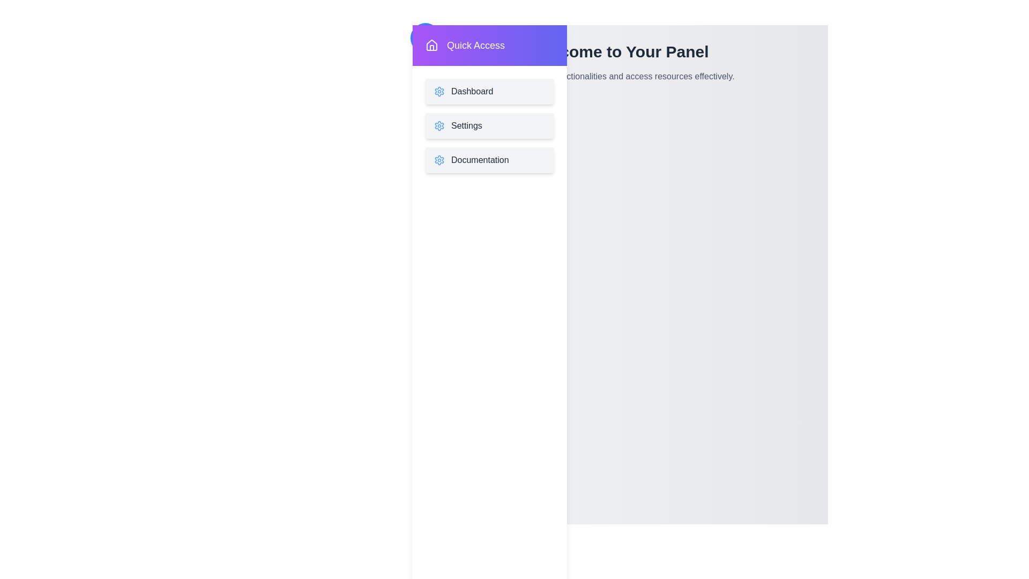  Describe the element at coordinates (424, 37) in the screenshot. I see `the toggle button located at the top-left corner of the screen to toggle the drawer's state` at that location.